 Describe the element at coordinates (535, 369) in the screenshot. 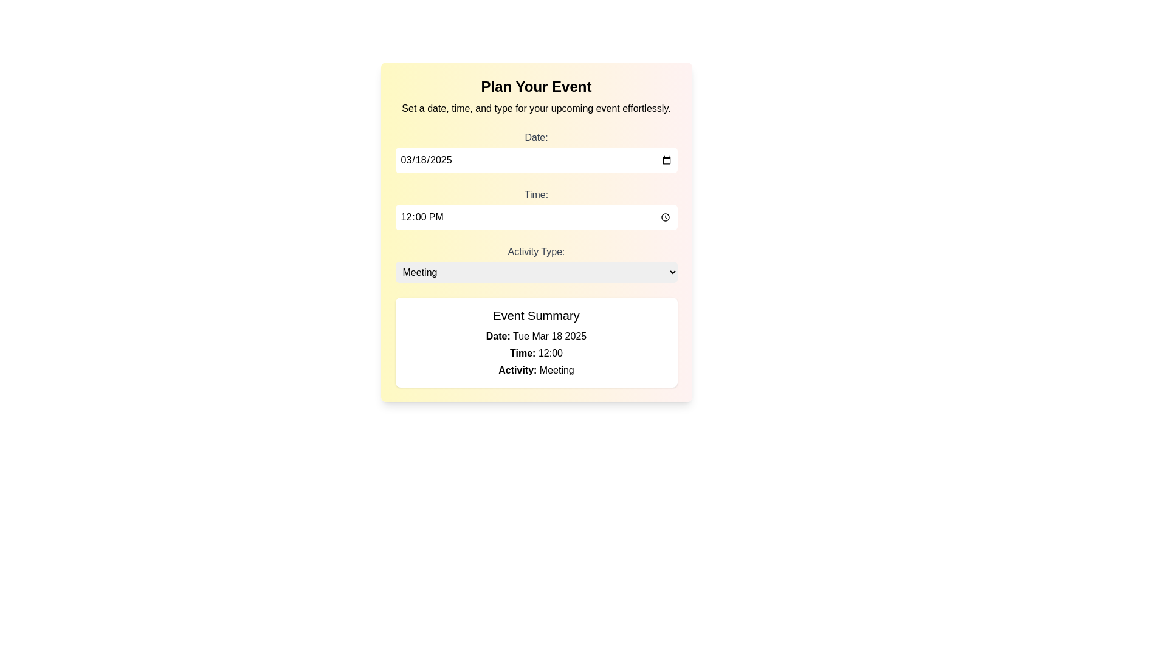

I see `the static text label element displaying 'Activity: Meeting', which is styled in bold and is located at the bottom of the 'Event Summary' box` at that location.